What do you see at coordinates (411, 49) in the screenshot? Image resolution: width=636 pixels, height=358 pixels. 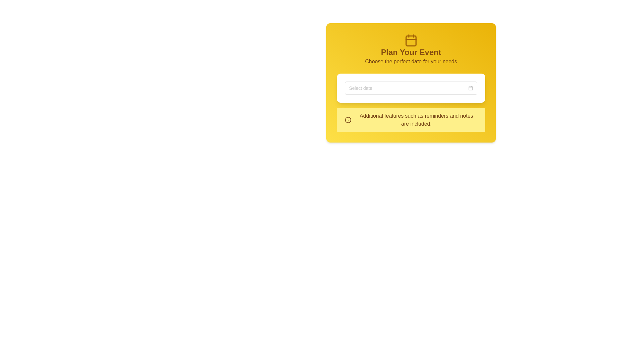 I see `the text block with the title 'Plan Your Event' and its calendar icon, which is centrally located at the top of the yellow-themed card UI section` at bounding box center [411, 49].